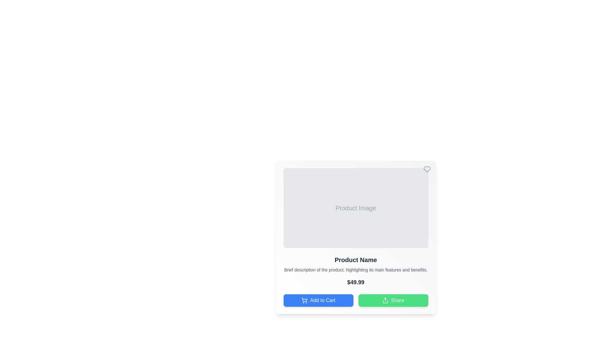 Image resolution: width=599 pixels, height=337 pixels. What do you see at coordinates (385, 300) in the screenshot?
I see `the share icon, which is an upward arrow inside a green button labeled 'Share' located at the bottom-right of the product card` at bounding box center [385, 300].